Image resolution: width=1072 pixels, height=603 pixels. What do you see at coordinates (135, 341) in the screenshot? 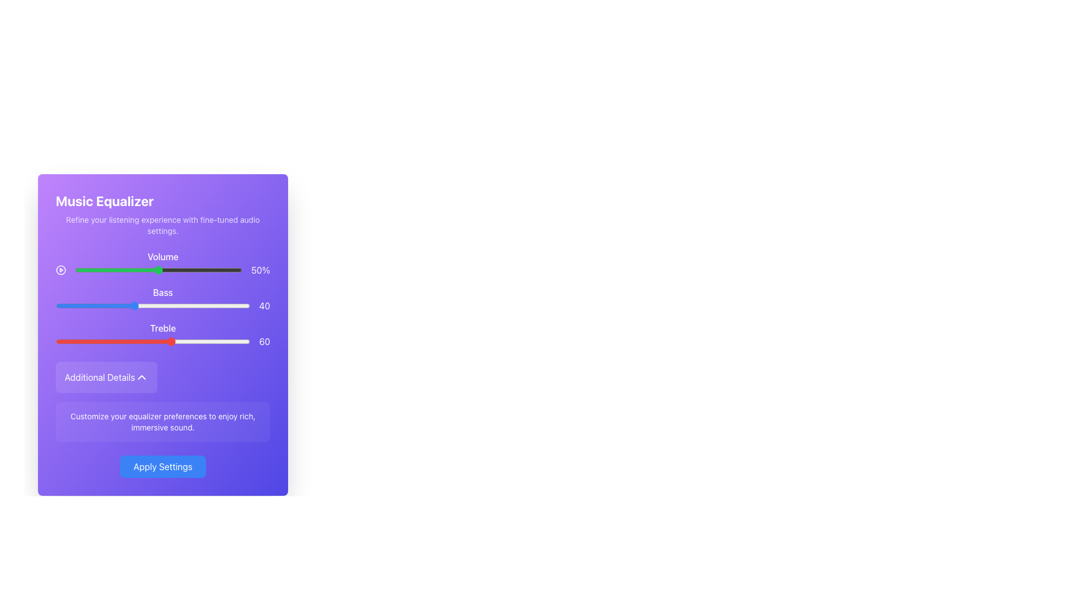
I see `the treble level` at bounding box center [135, 341].